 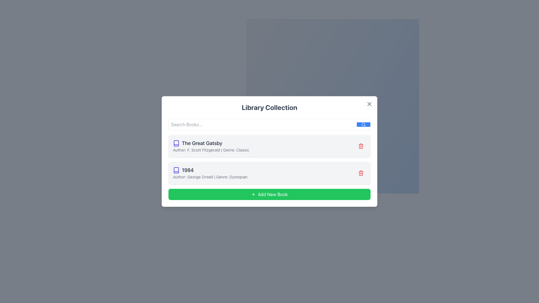 I want to click on the interactive button containing the SVG trash icon for the book '1984' to change its background color, so click(x=361, y=173).